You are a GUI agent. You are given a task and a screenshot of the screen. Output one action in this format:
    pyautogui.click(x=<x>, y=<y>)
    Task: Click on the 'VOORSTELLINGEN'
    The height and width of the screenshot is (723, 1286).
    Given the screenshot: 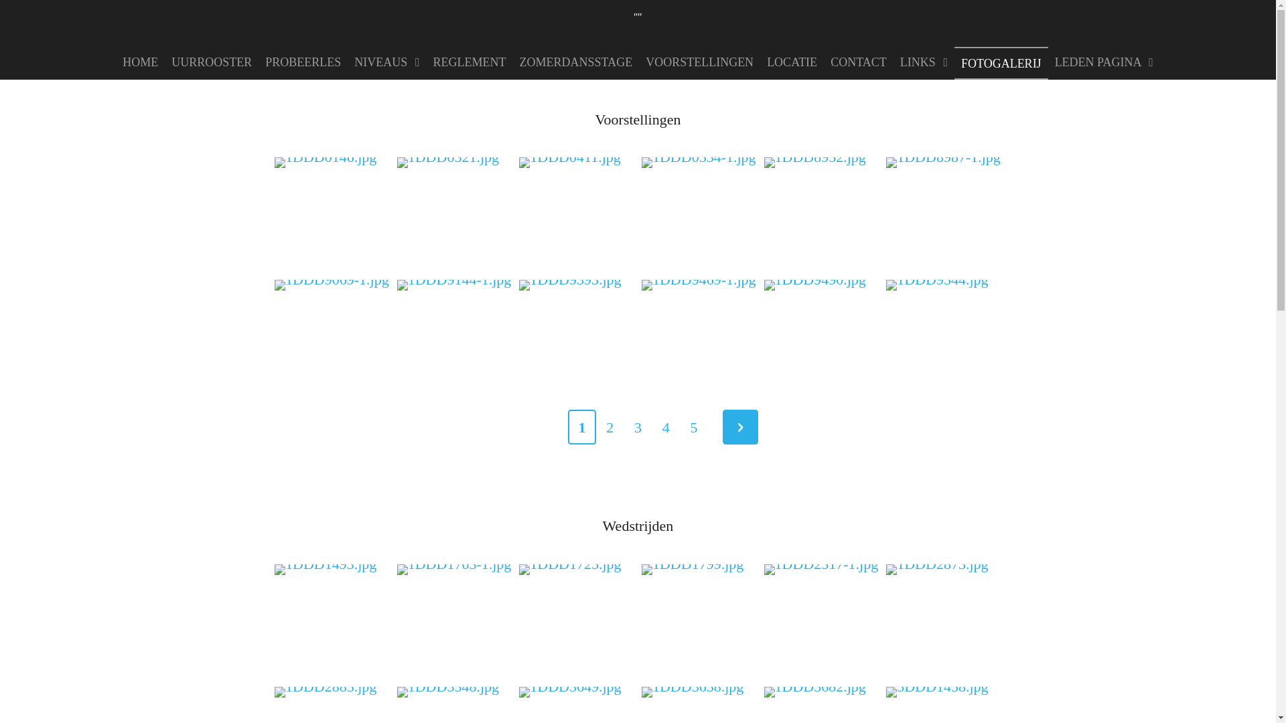 What is the action you would take?
    pyautogui.click(x=699, y=62)
    